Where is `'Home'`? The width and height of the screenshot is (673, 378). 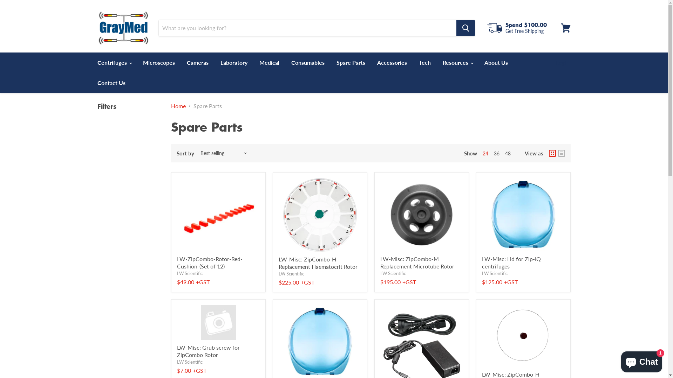 'Home' is located at coordinates (178, 106).